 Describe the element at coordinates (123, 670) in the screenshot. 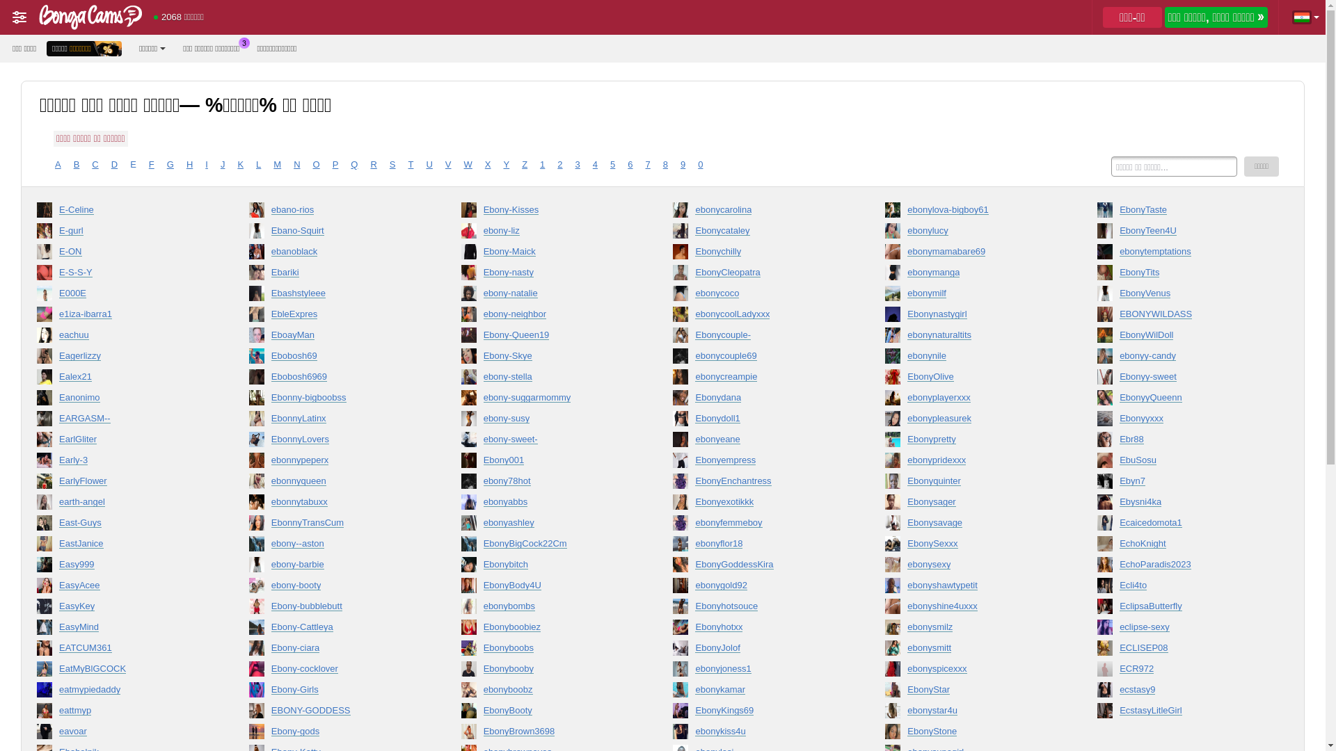

I see `'EatMyBlGCOCK'` at that location.